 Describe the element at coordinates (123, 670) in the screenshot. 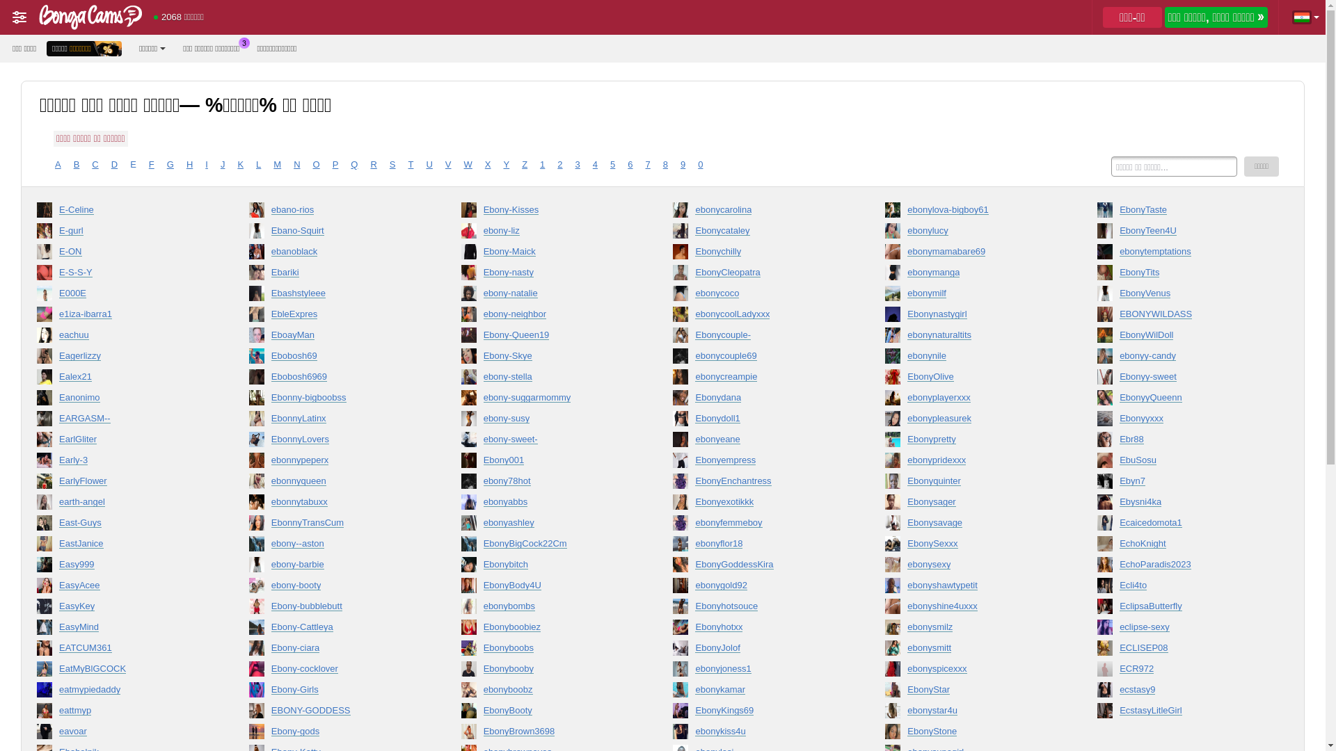

I see `'EatMyBlGCOCK'` at that location.